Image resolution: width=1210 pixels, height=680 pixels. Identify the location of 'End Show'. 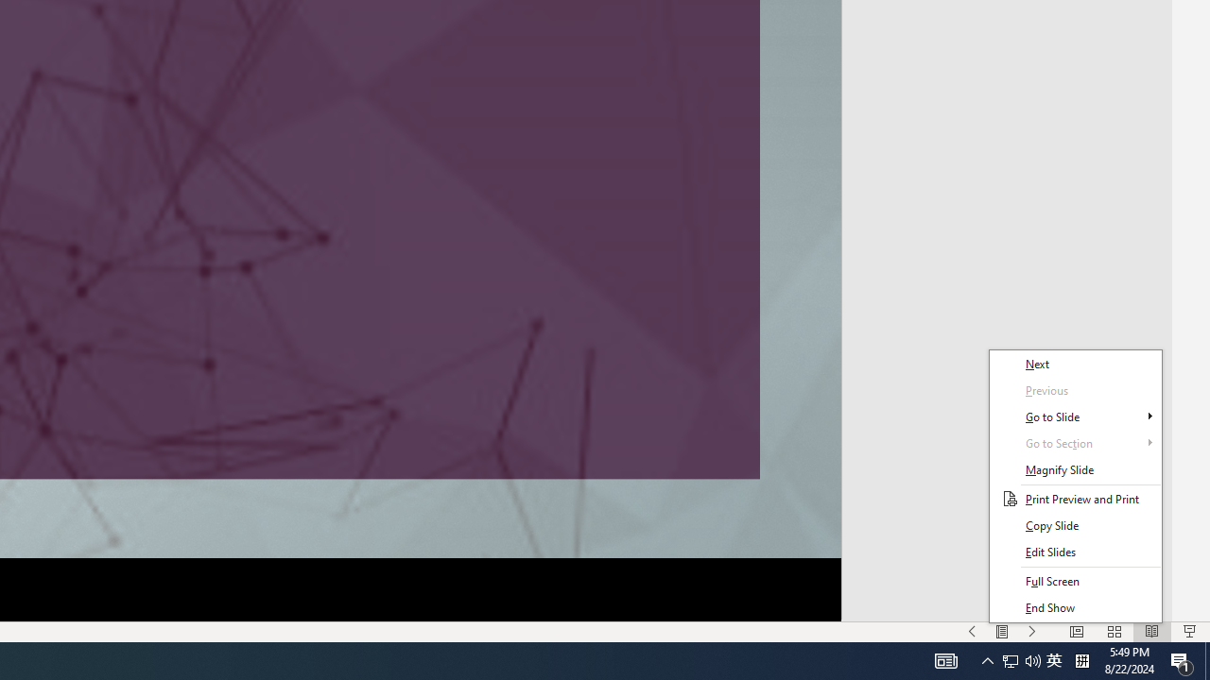
(1075, 608).